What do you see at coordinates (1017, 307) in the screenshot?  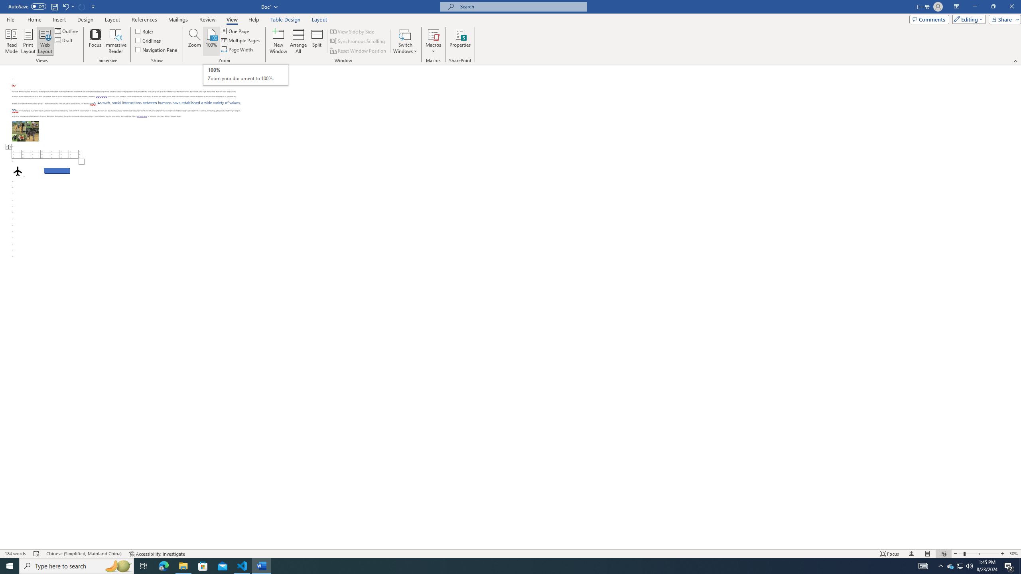 I see `'Class: NetUIScrollBar'` at bounding box center [1017, 307].